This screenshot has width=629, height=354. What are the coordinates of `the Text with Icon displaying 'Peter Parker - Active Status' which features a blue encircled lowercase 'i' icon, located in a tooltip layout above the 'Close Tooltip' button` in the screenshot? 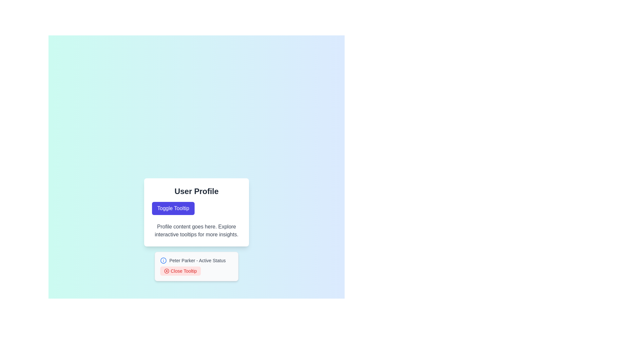 It's located at (196, 260).